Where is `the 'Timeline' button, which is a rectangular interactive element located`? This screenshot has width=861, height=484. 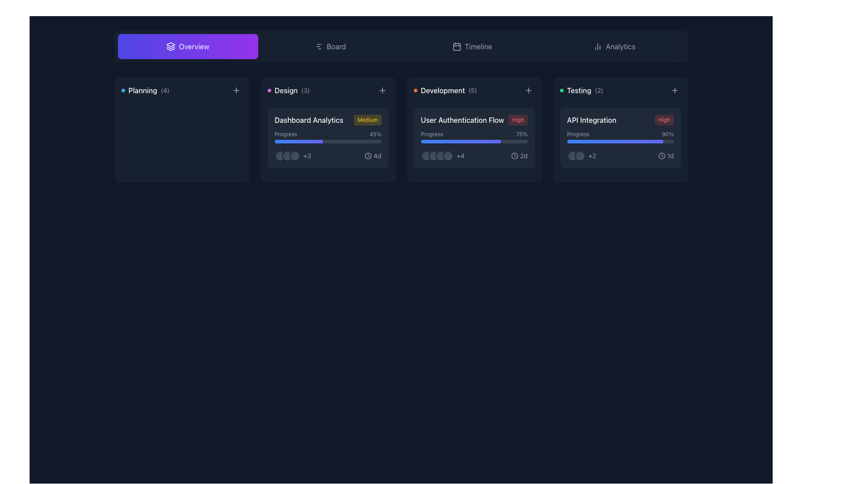
the 'Timeline' button, which is a rectangular interactive element located is located at coordinates (471, 47).